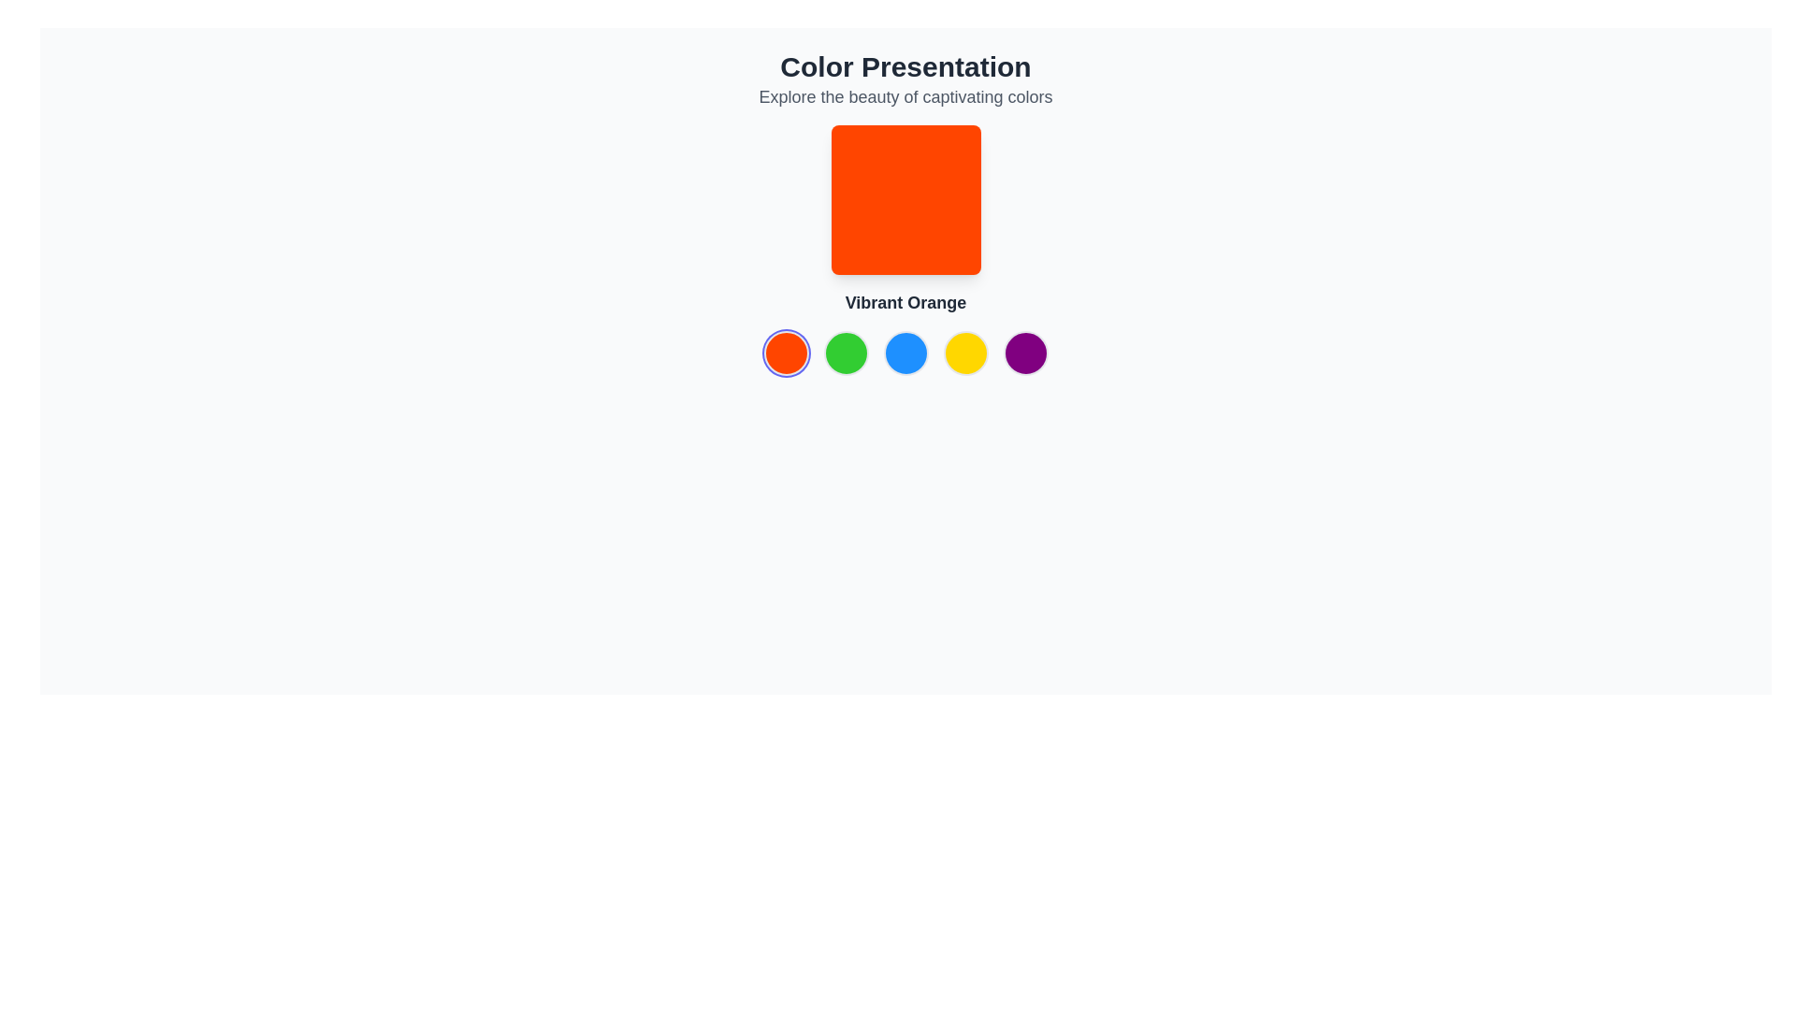 The height and width of the screenshot is (1010, 1796). Describe the element at coordinates (1024, 353) in the screenshot. I see `the purple circular button located at the far right of the row of five circular elements beneath the bold orange square labeled 'Vibrant Orange'` at that location.